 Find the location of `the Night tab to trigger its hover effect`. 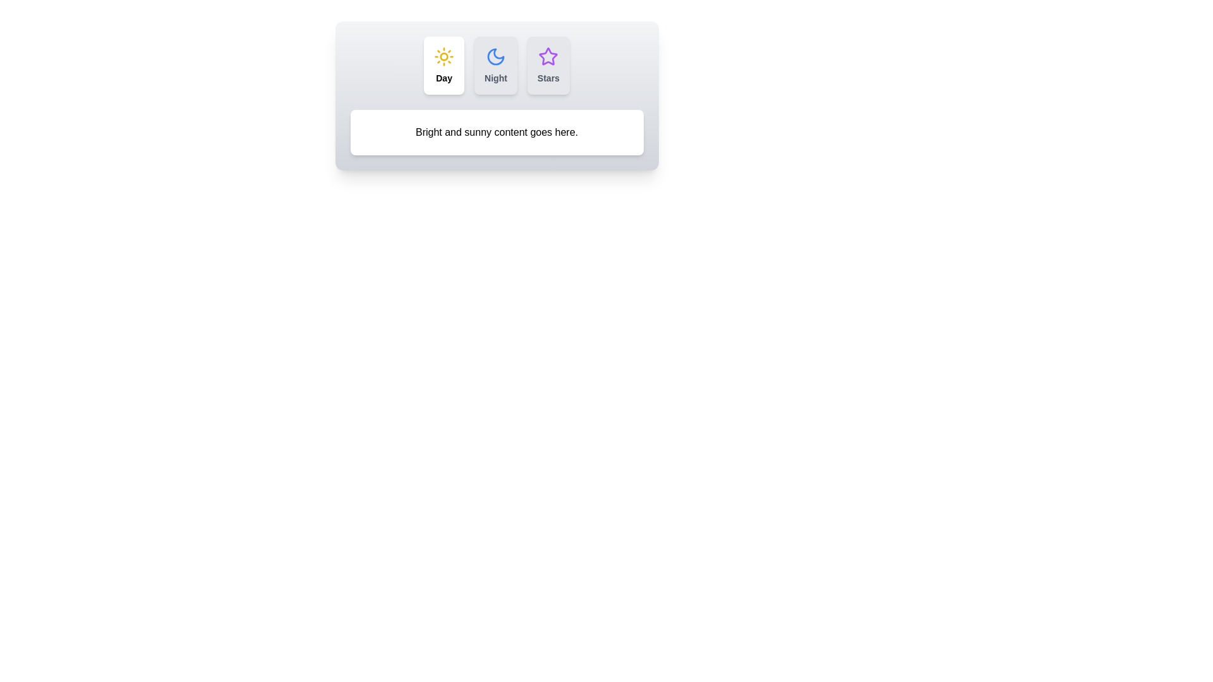

the Night tab to trigger its hover effect is located at coordinates (495, 66).